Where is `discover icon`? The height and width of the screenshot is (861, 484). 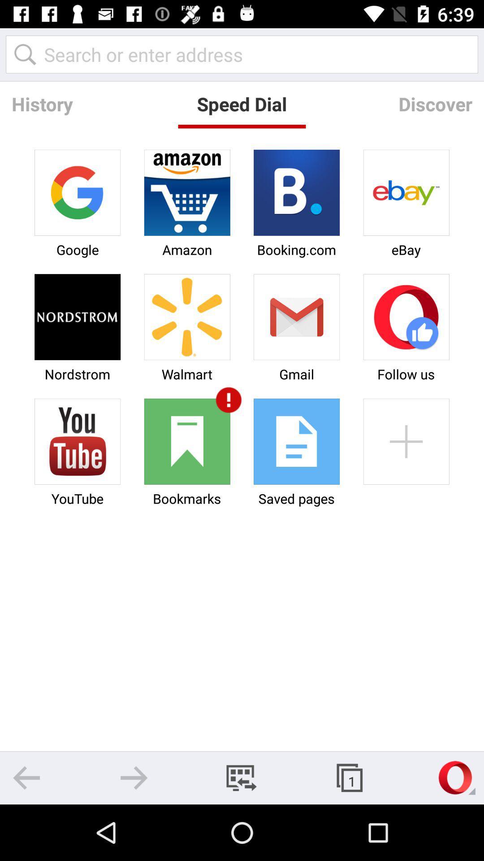 discover icon is located at coordinates (435, 104).